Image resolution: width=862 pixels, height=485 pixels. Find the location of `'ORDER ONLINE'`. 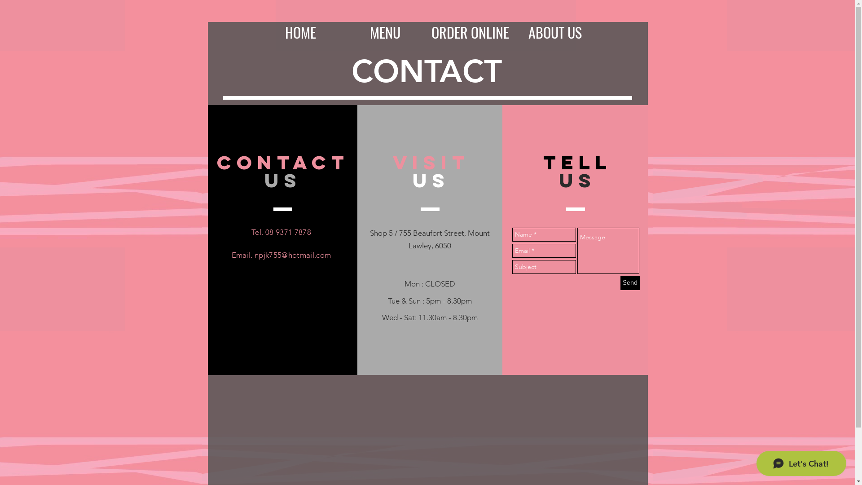

'ORDER ONLINE' is located at coordinates (469, 27).